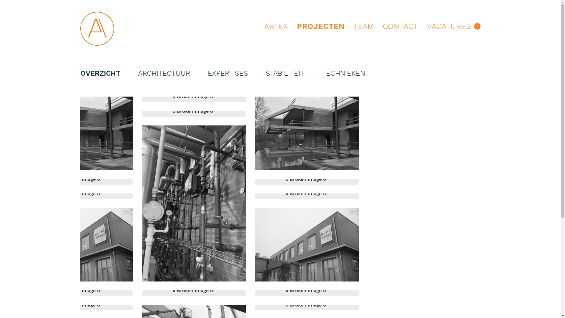 Image resolution: width=565 pixels, height=318 pixels. Describe the element at coordinates (320, 28) in the screenshot. I see `'PROJECTEN'` at that location.